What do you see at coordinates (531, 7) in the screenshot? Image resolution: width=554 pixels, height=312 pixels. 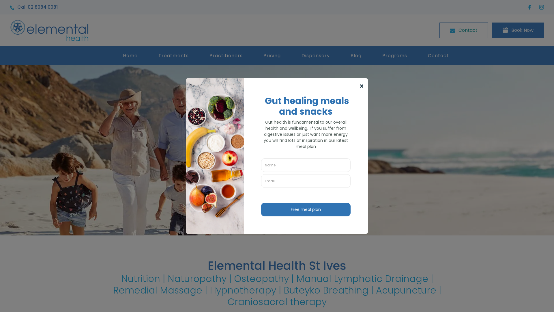 I see `'facebook'` at bounding box center [531, 7].